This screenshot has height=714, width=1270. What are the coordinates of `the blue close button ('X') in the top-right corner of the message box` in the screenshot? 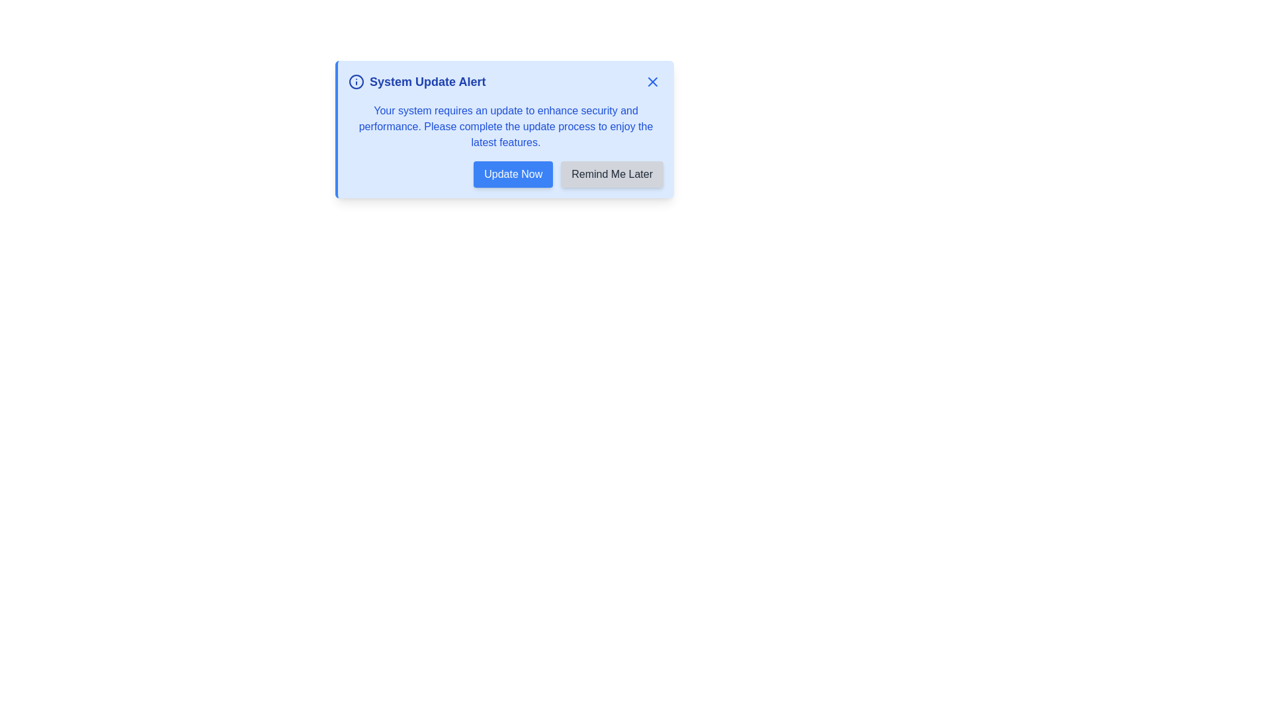 It's located at (653, 81).